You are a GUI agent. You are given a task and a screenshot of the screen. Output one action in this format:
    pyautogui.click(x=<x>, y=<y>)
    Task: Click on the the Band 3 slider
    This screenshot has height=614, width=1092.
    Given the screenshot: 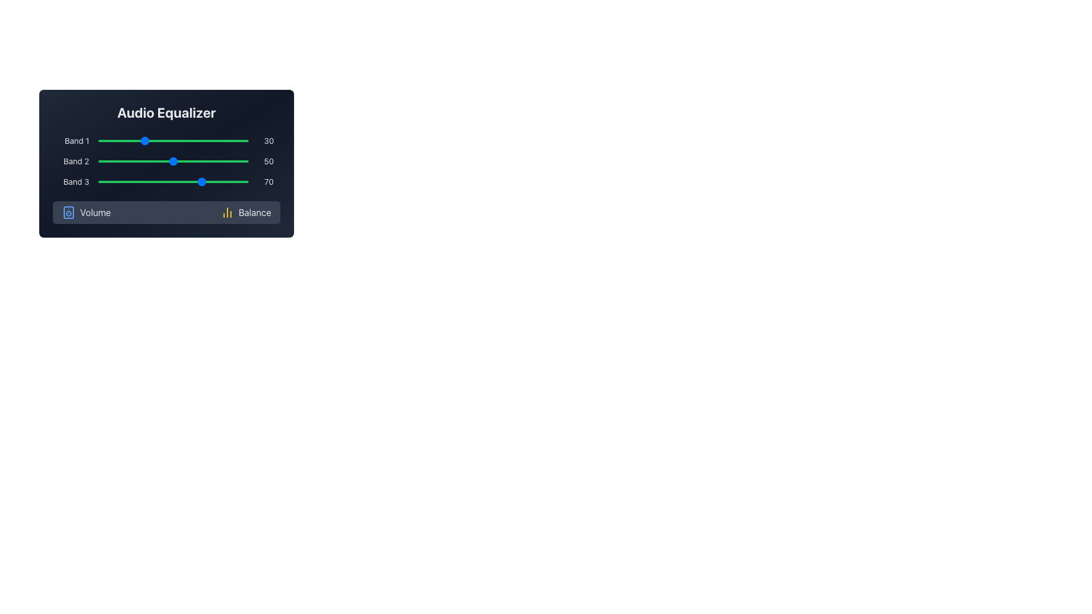 What is the action you would take?
    pyautogui.click(x=177, y=181)
    